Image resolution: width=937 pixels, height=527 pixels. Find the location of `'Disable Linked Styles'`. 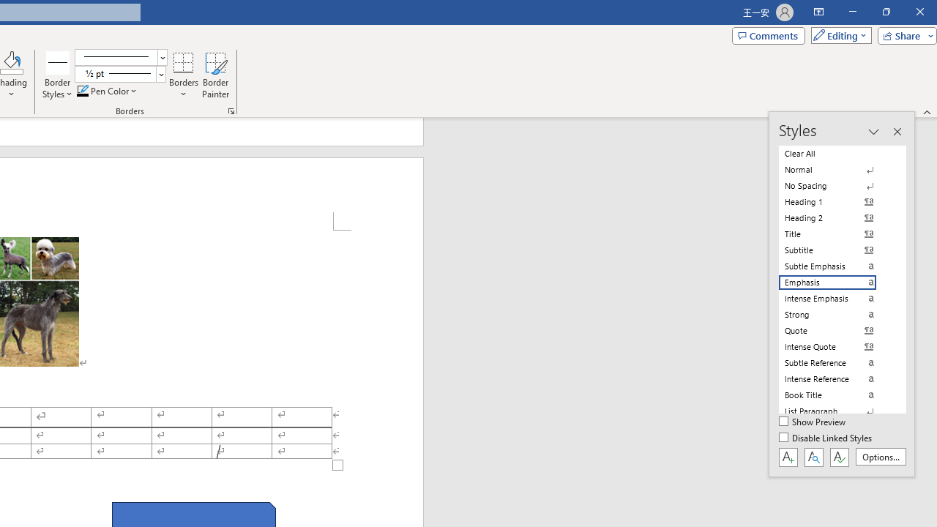

'Disable Linked Styles' is located at coordinates (826, 438).